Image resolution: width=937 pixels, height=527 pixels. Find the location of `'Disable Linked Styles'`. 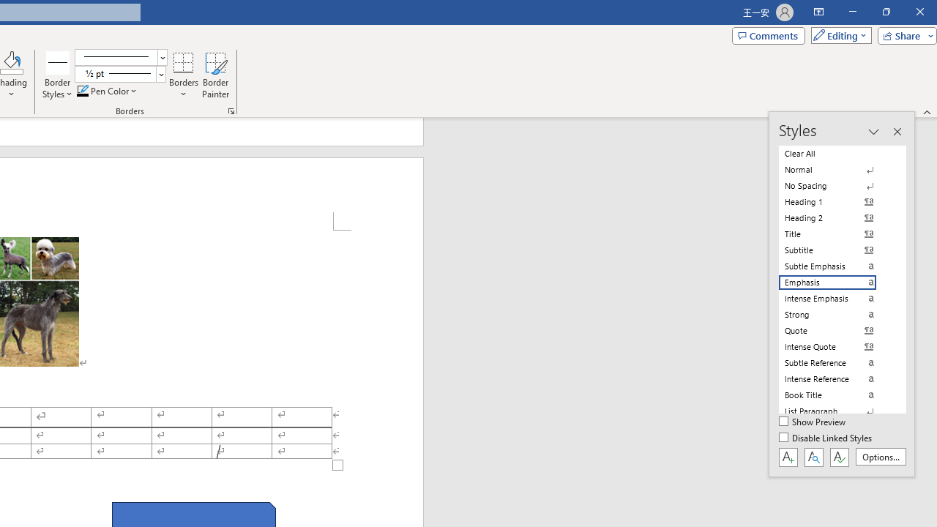

'Disable Linked Styles' is located at coordinates (826, 438).